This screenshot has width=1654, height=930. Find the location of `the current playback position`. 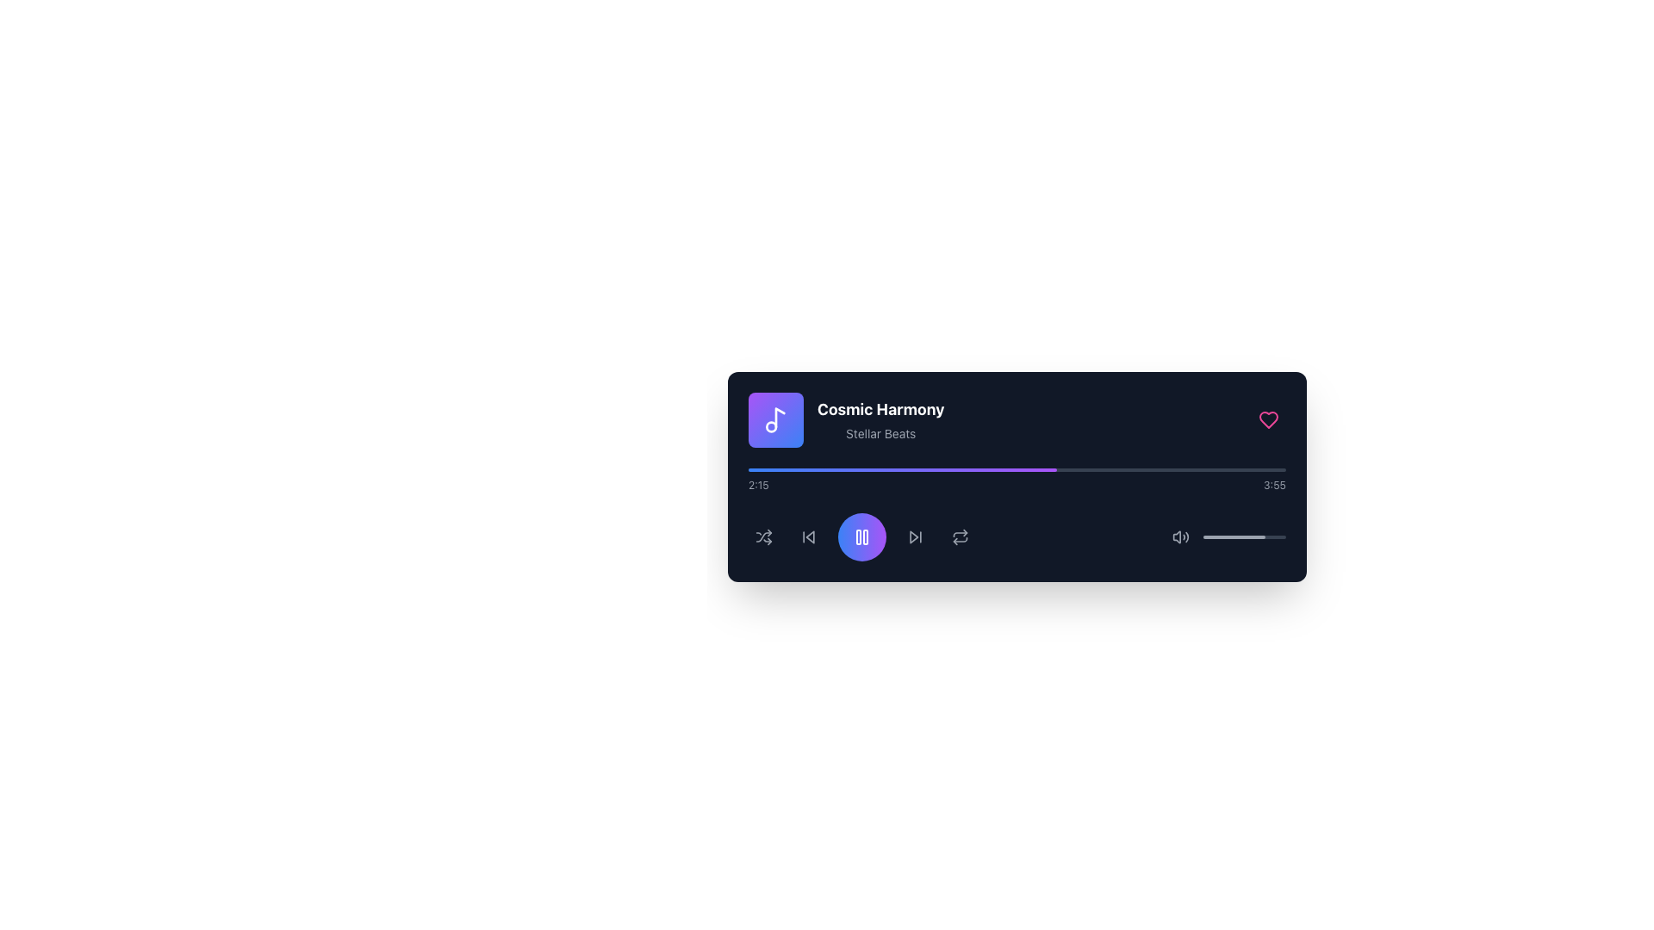

the current playback position is located at coordinates (1247, 470).